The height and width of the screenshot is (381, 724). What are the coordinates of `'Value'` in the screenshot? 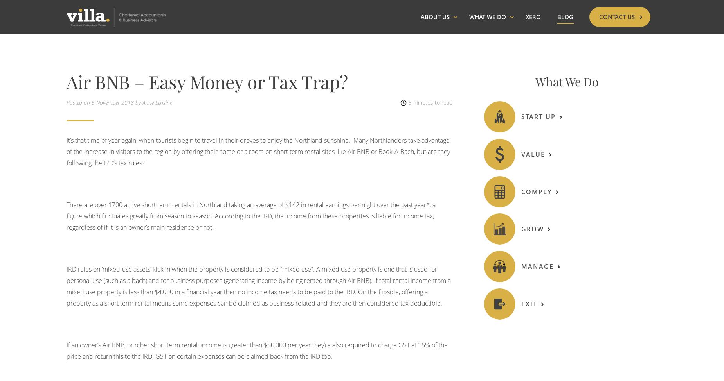 It's located at (532, 154).